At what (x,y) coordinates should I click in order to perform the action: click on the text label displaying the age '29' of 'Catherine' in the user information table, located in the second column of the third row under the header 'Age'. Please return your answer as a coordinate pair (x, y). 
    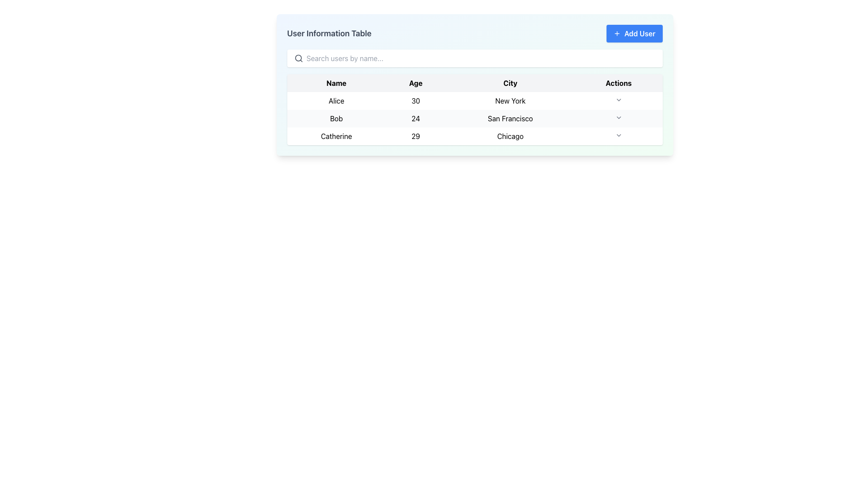
    Looking at the image, I should click on (415, 136).